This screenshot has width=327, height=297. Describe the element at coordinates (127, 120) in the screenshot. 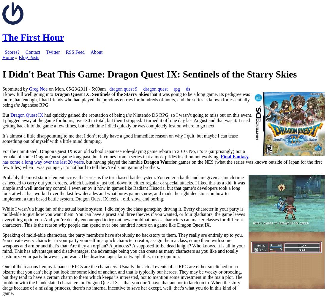

I see `'Nintendo DS RPG, so I wasn’t going to miss out on this event. I plugged 
away at the game for hours, over 30 in total, but then I stopped. I 
turned it off one day last August and that was it. I tried getting back 
into the game a few times, but each time I died quickly or was 
completely lost on where to go next.'` at that location.